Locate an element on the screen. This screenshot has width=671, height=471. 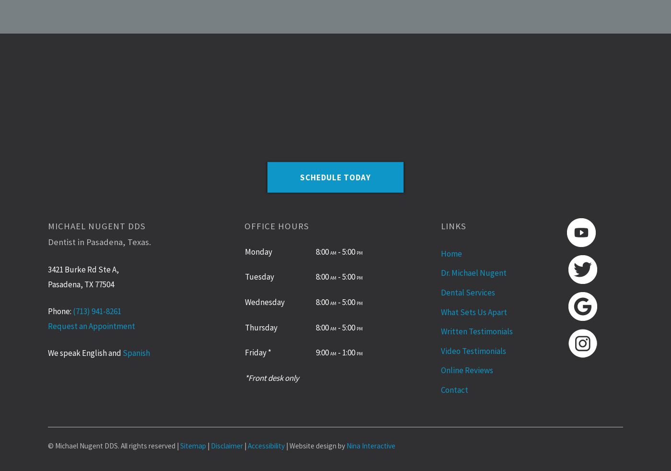
'Dr. Michael Nugent' is located at coordinates (474, 272).